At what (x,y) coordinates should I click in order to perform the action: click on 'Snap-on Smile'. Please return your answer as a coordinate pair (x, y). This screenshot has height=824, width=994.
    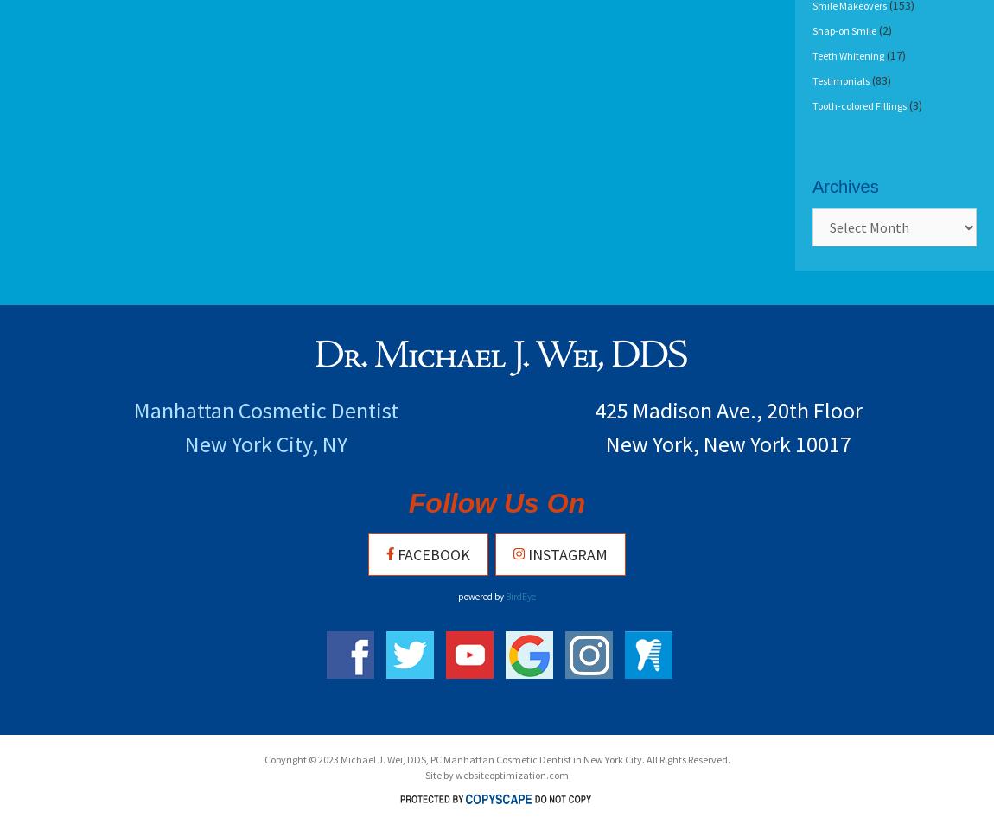
    Looking at the image, I should click on (844, 29).